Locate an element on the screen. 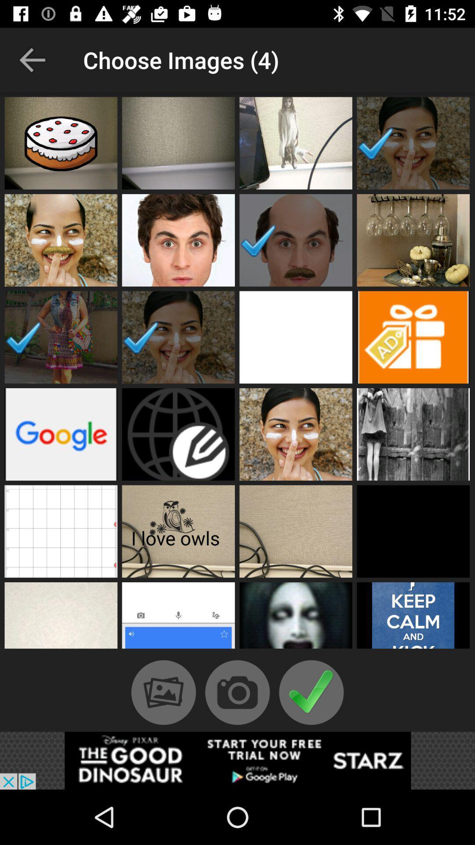 The width and height of the screenshot is (475, 845). image is located at coordinates (296, 143).